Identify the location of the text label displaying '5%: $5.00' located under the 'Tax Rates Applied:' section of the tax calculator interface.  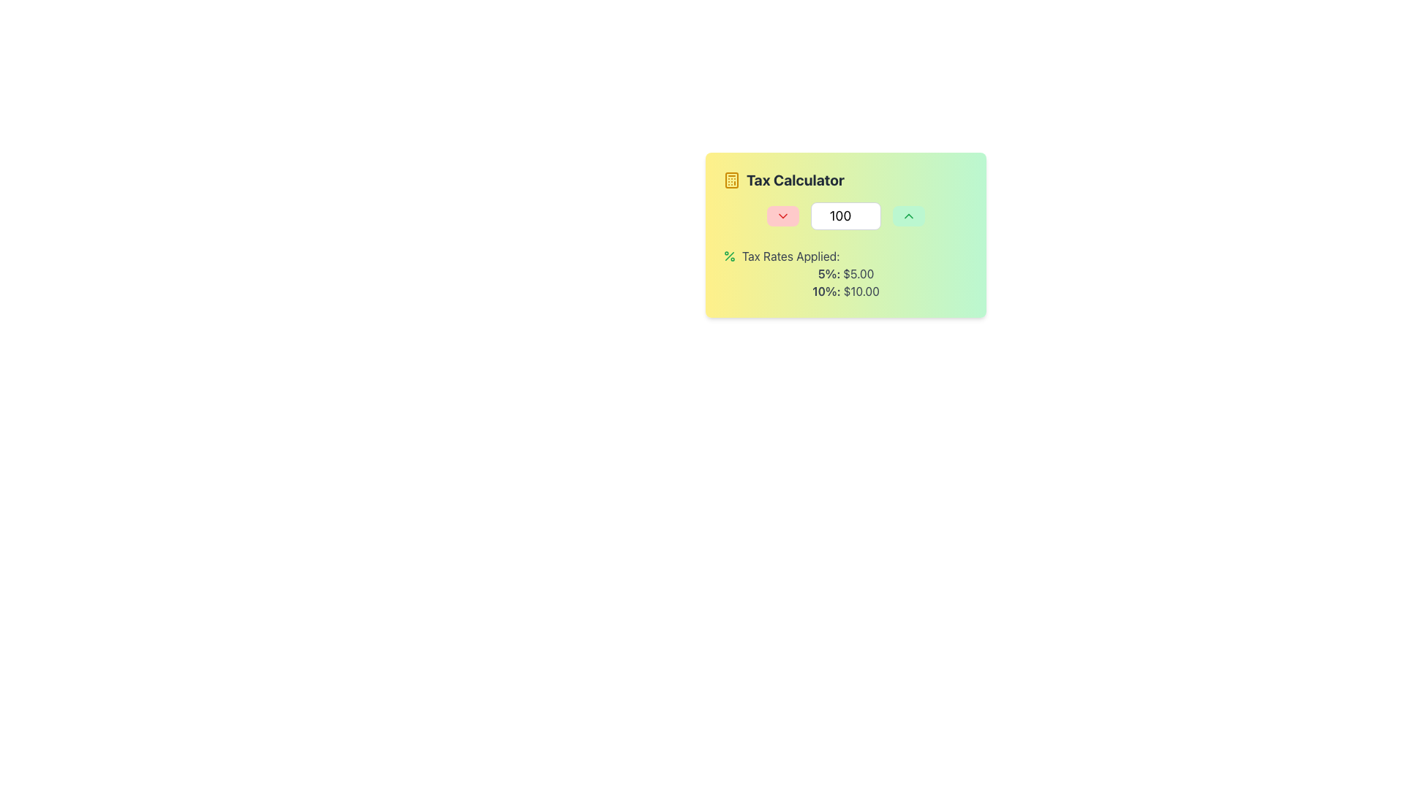
(845, 273).